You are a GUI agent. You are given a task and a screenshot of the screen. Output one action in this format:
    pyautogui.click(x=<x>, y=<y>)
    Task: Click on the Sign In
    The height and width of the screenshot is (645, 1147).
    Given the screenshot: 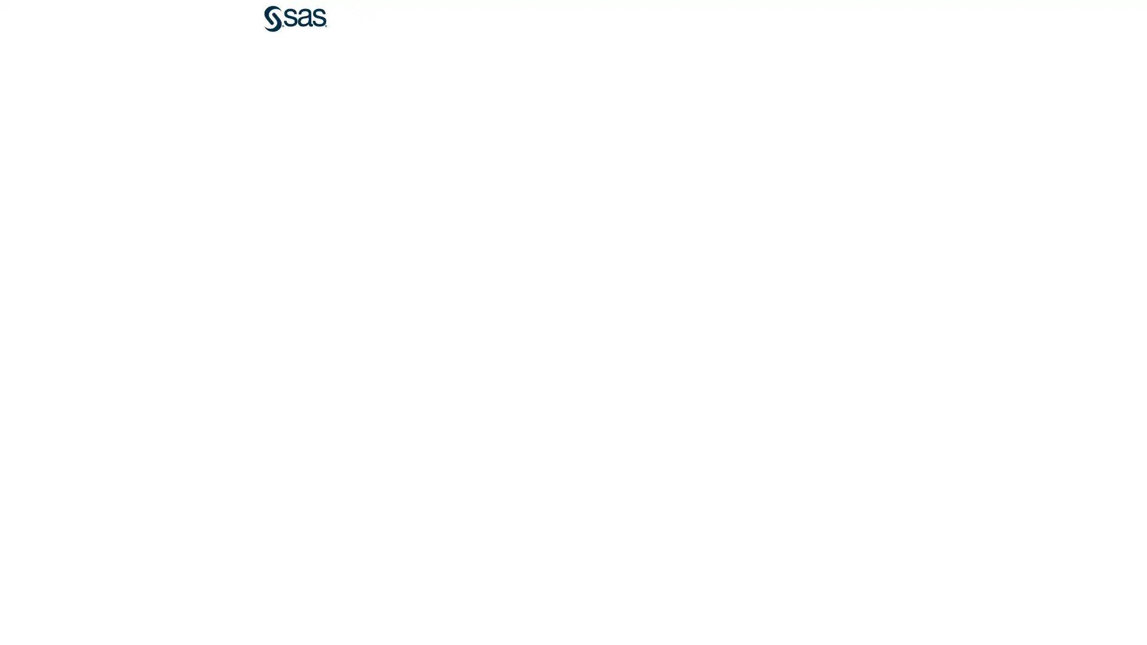 What is the action you would take?
    pyautogui.click(x=806, y=19)
    